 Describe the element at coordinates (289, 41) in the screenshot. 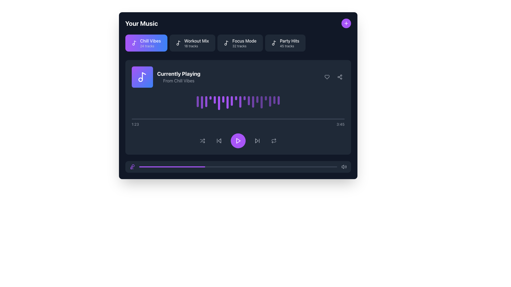

I see `the 'Party Hits' text label` at that location.